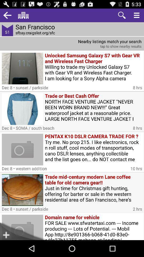  I want to click on search button, so click(122, 15).